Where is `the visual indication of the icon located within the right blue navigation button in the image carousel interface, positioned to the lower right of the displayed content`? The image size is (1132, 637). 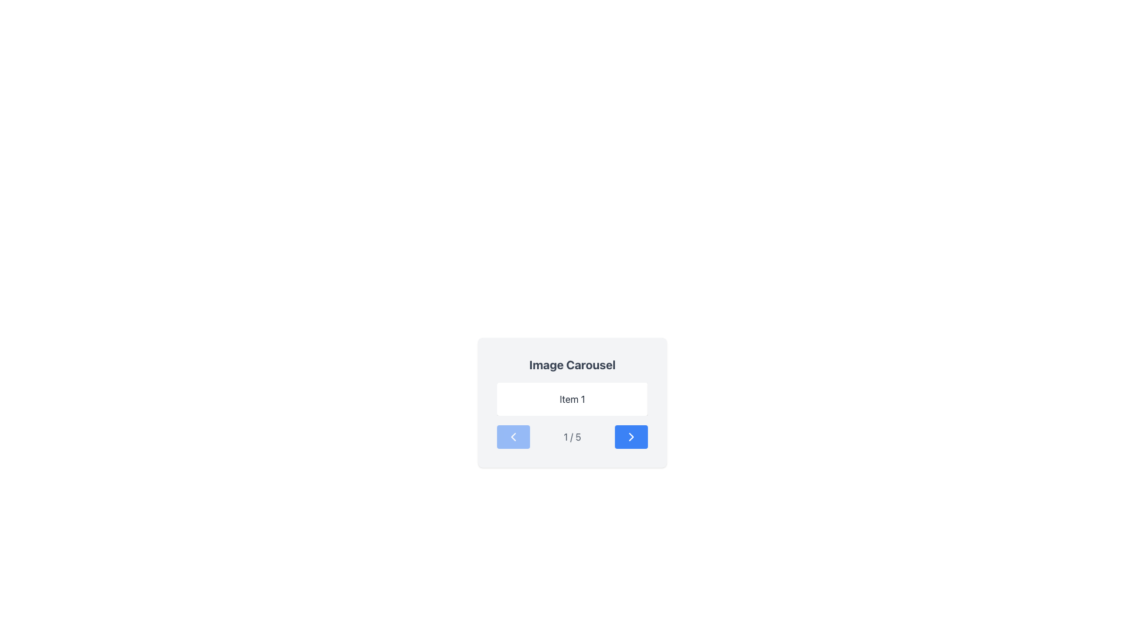
the visual indication of the icon located within the right blue navigation button in the image carousel interface, positioned to the lower right of the displayed content is located at coordinates (630, 436).